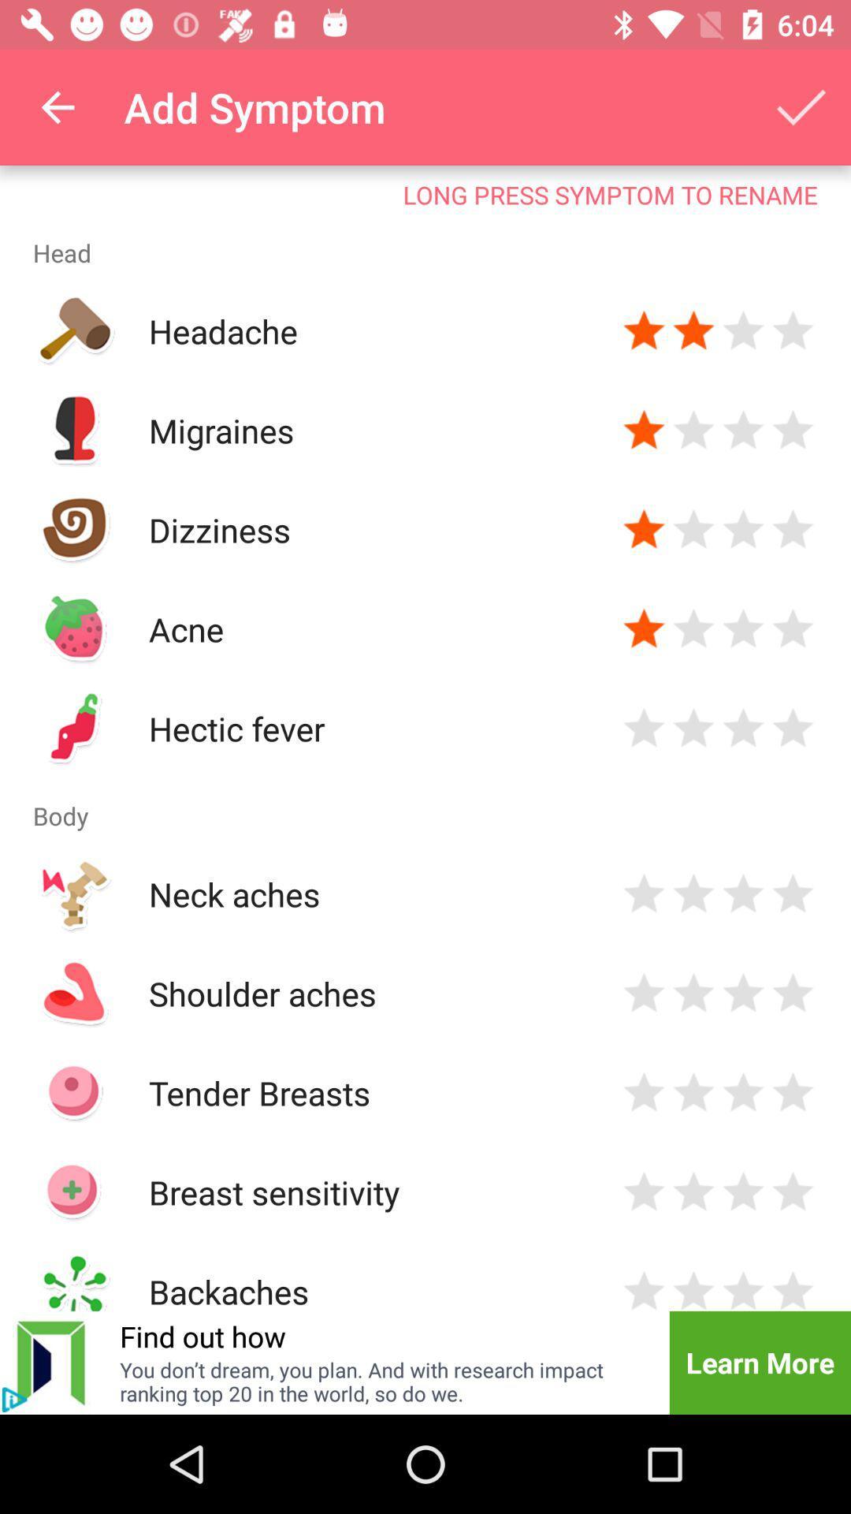 The image size is (851, 1514). Describe the element at coordinates (644, 1288) in the screenshot. I see `amount user suffers from symptom backaches` at that location.